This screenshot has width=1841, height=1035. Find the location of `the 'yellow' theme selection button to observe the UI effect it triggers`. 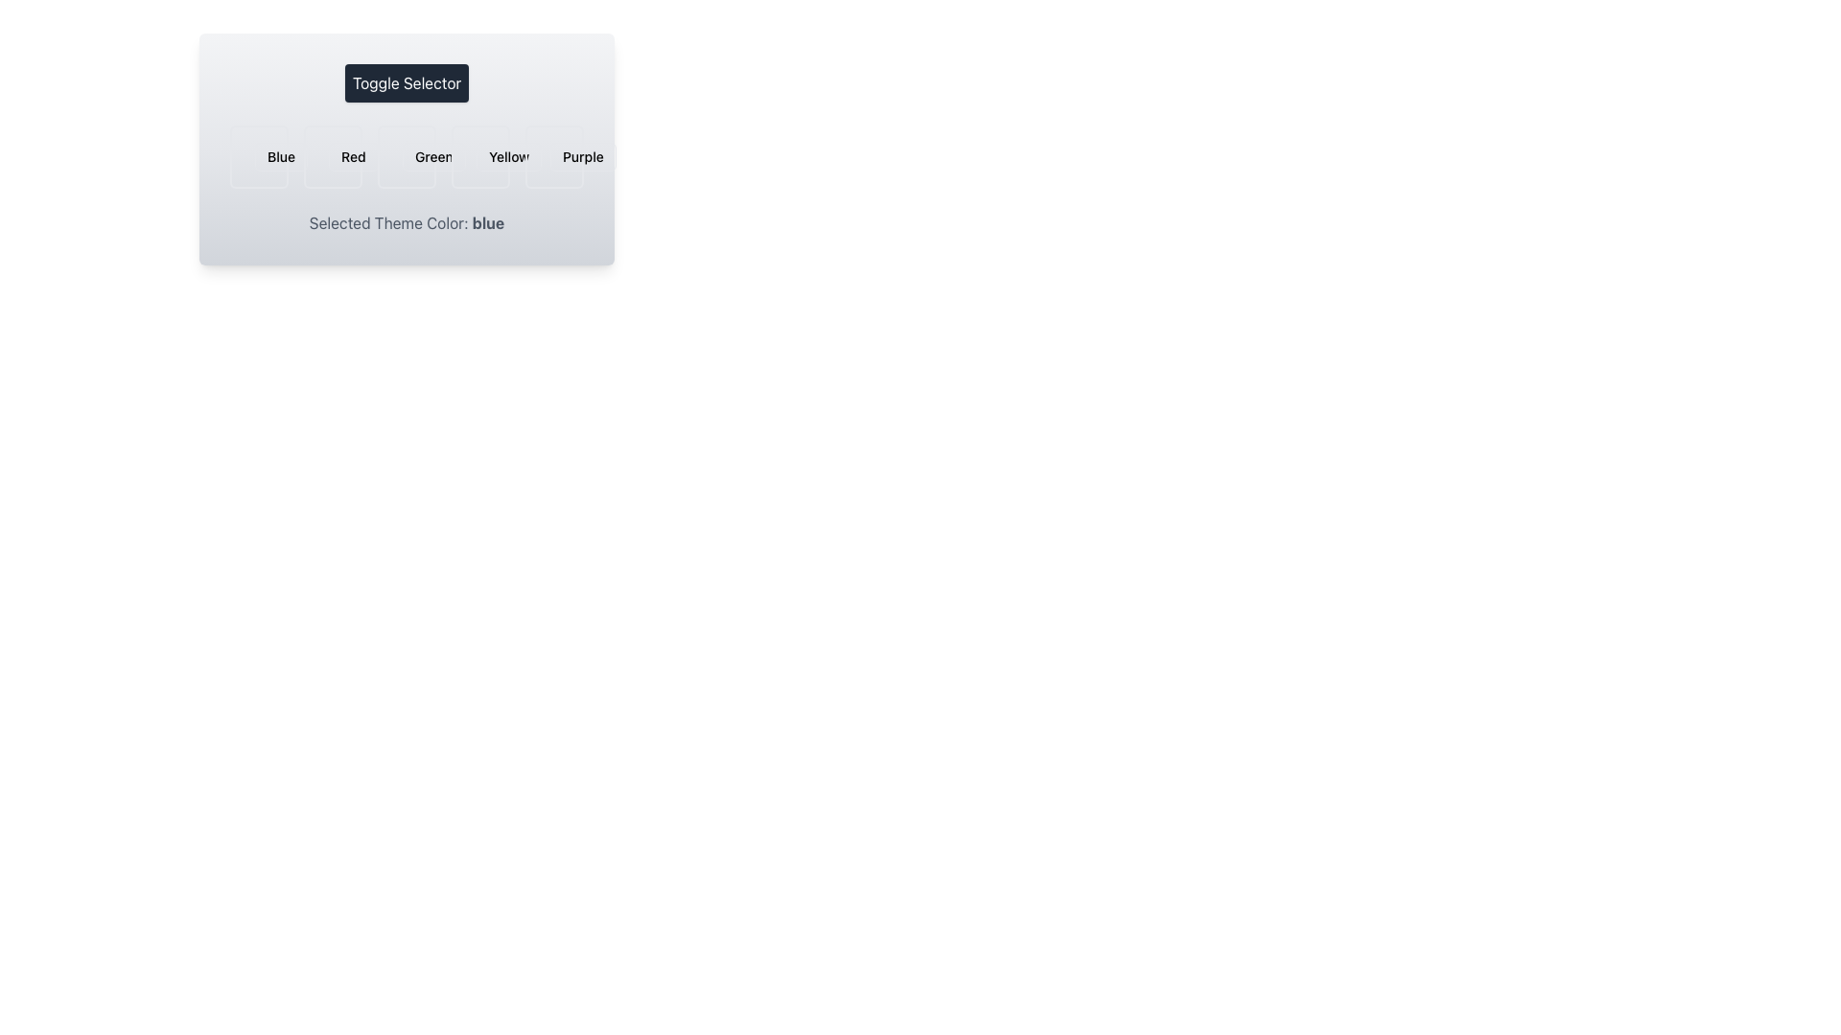

the 'yellow' theme selection button to observe the UI effect it triggers is located at coordinates (480, 156).